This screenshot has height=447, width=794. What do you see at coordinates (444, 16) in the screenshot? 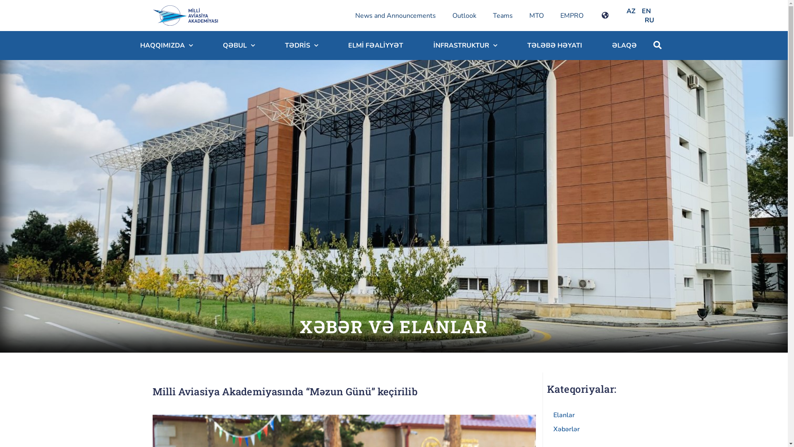
I see `'Outlook'` at bounding box center [444, 16].